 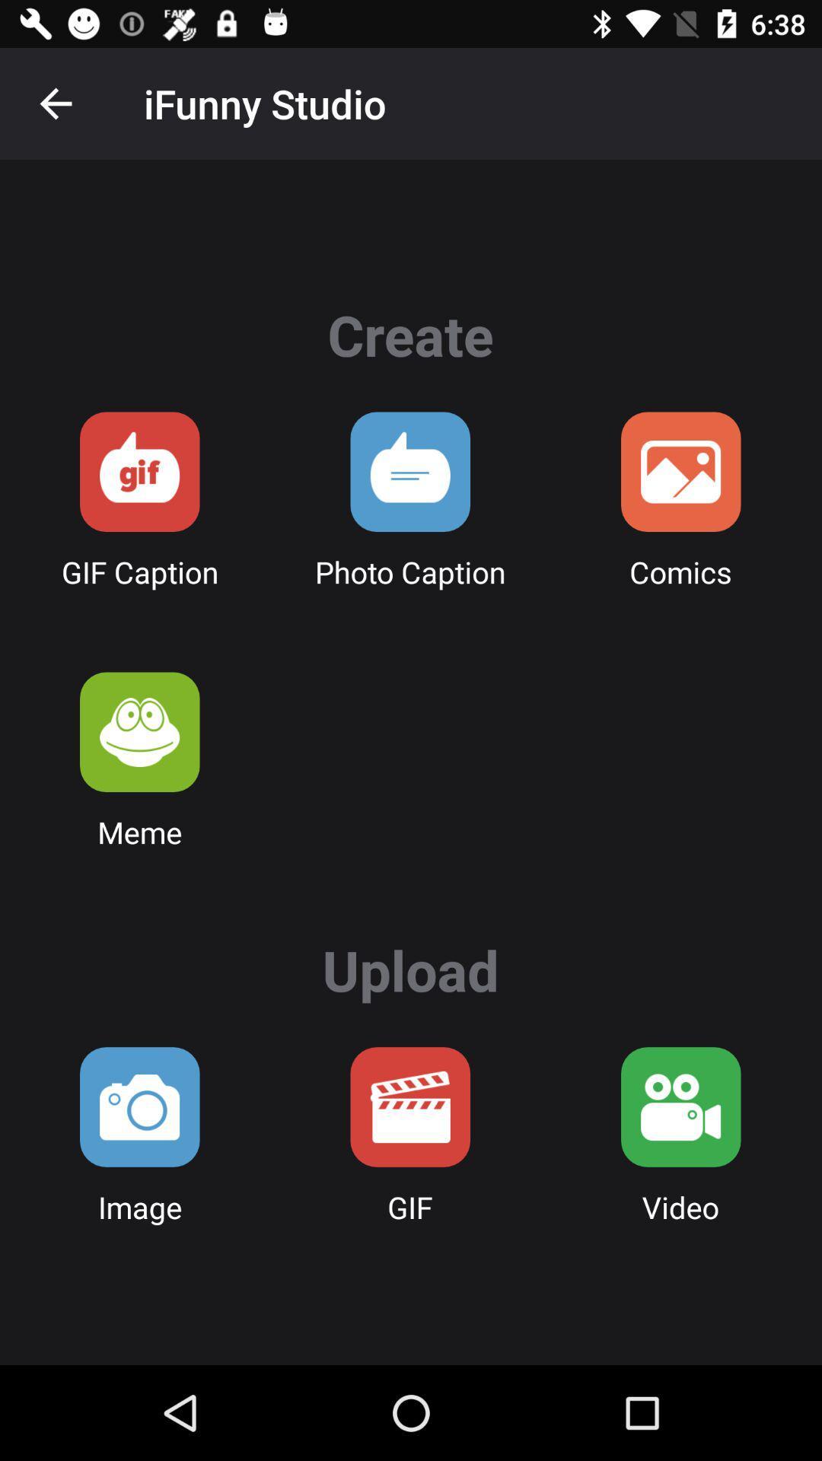 I want to click on icon, so click(x=409, y=471).